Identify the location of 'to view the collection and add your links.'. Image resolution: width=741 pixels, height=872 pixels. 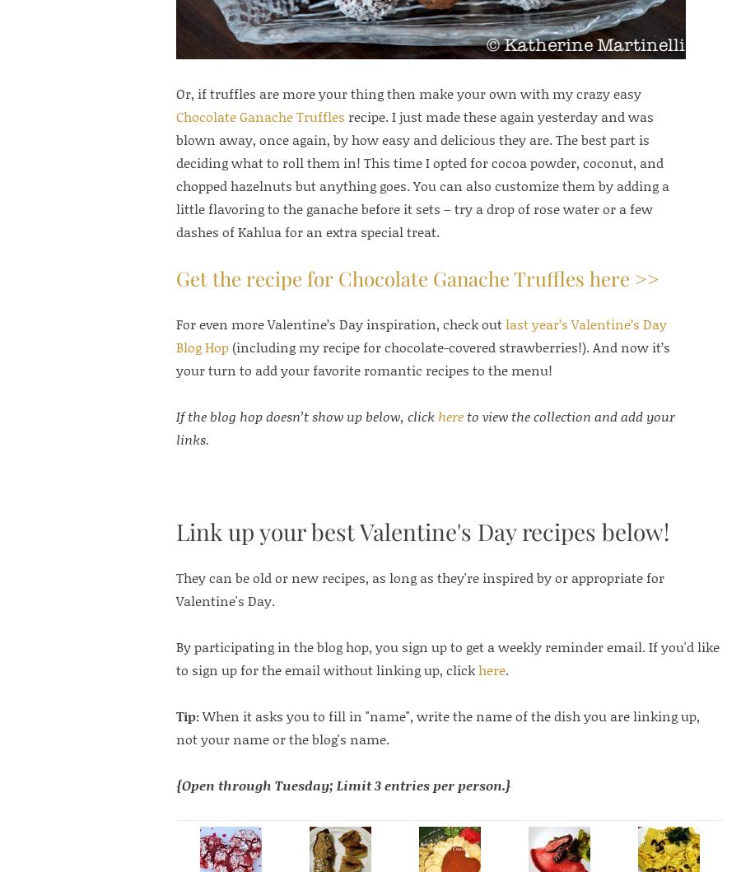
(423, 427).